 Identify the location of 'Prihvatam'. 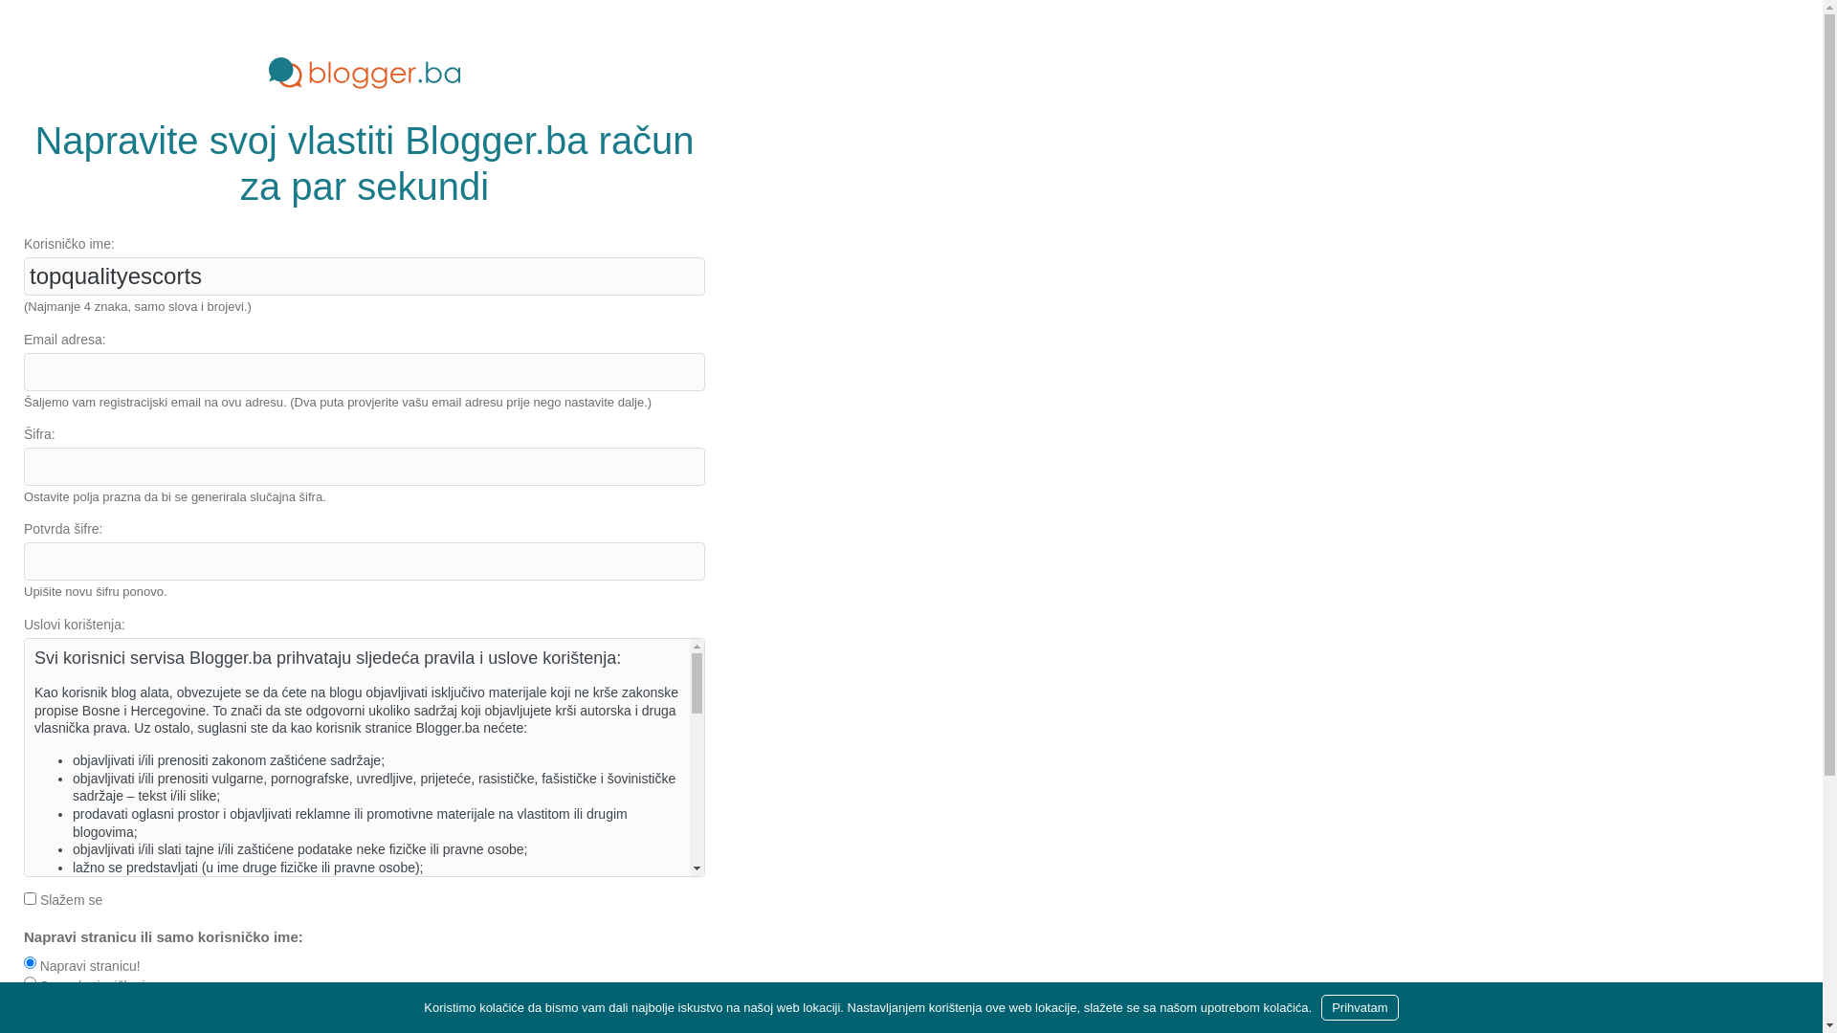
(1359, 1006).